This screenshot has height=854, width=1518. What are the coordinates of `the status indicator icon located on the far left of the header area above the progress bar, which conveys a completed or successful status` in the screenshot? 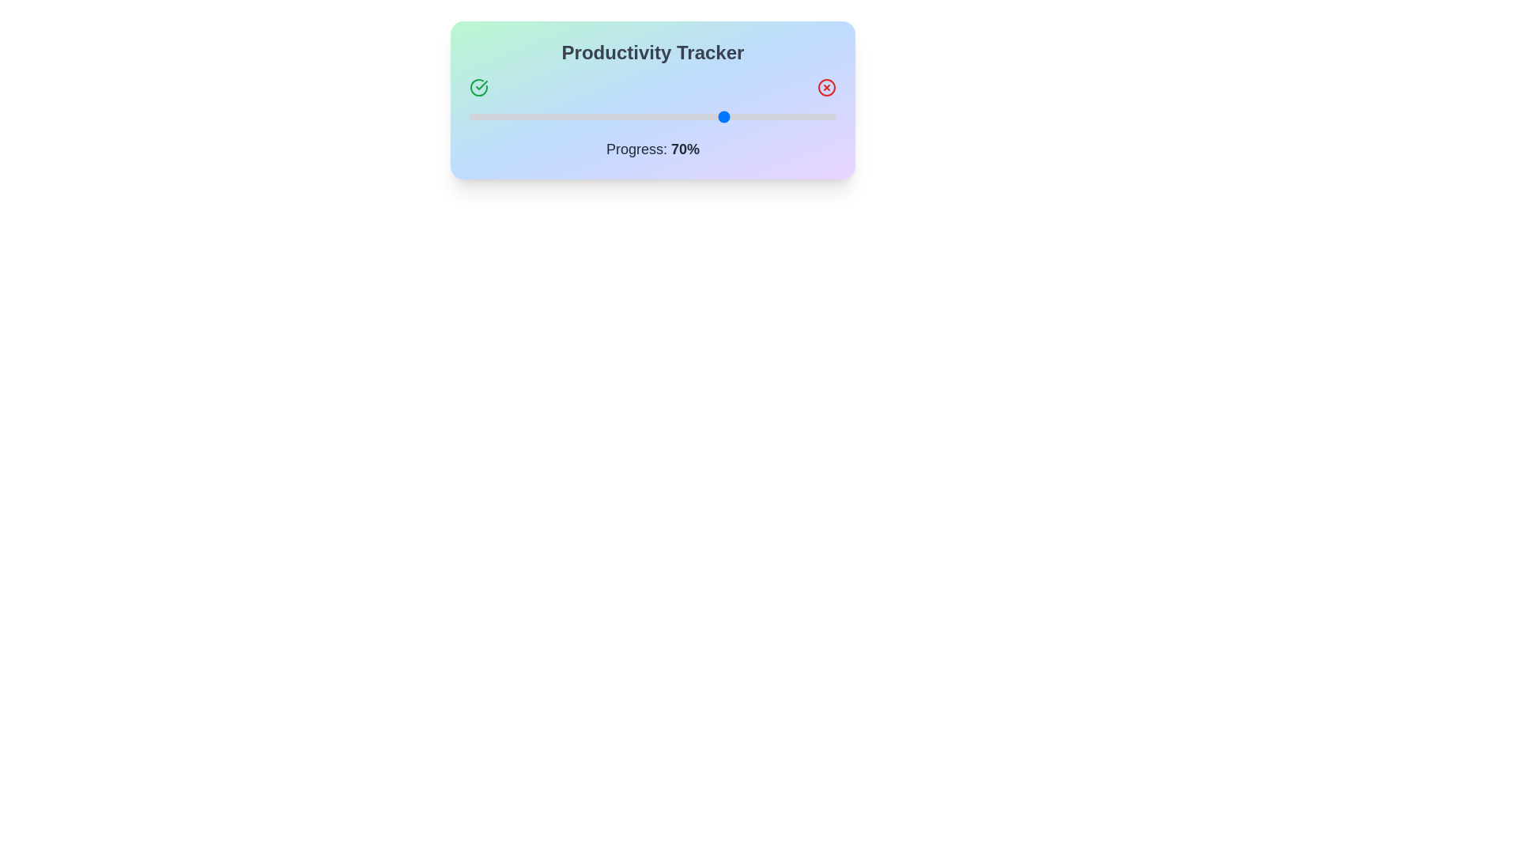 It's located at (478, 88).